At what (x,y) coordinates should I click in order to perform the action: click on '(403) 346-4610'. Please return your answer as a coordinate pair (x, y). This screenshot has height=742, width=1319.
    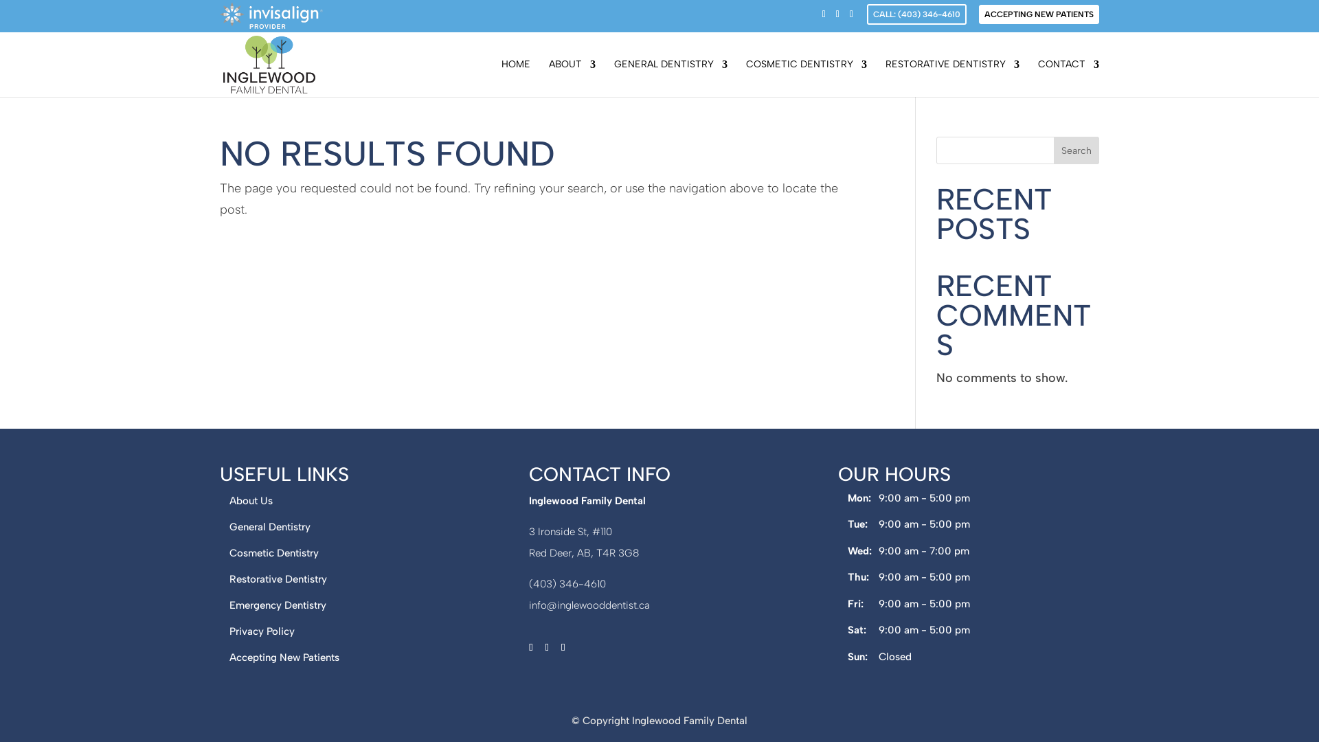
    Looking at the image, I should click on (567, 583).